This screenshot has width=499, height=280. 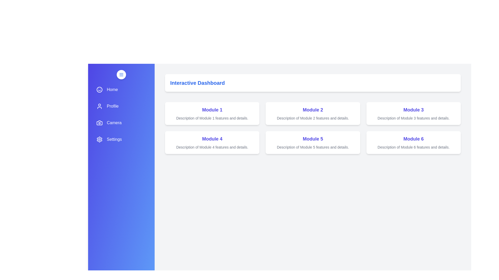 What do you see at coordinates (121, 106) in the screenshot?
I see `the 'Profile' menu item in the vertical navigation menu` at bounding box center [121, 106].